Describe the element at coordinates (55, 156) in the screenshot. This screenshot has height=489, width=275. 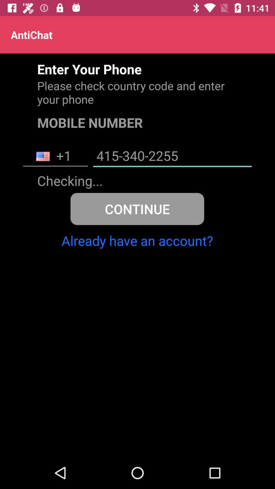
I see `item to the left of  415-340-2255 icon` at that location.